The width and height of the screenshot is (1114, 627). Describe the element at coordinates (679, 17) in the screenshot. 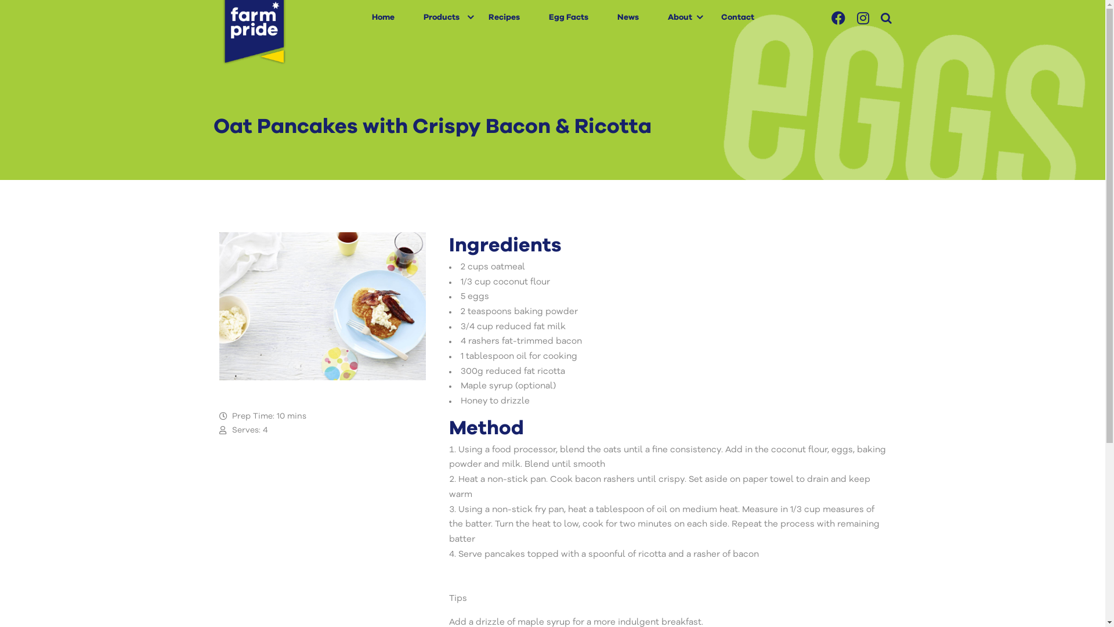

I see `'About'` at that location.